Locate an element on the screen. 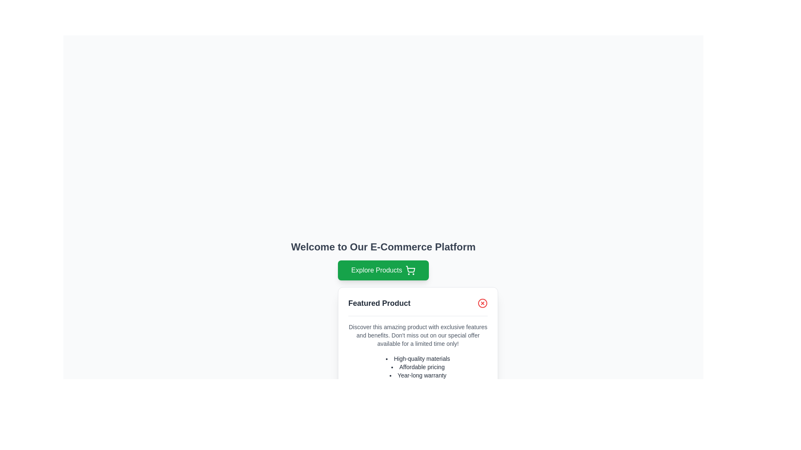 This screenshot has width=801, height=450. the close or delete button located to the right of the 'Featured Product' heading in the card-like section is located at coordinates (482, 303).